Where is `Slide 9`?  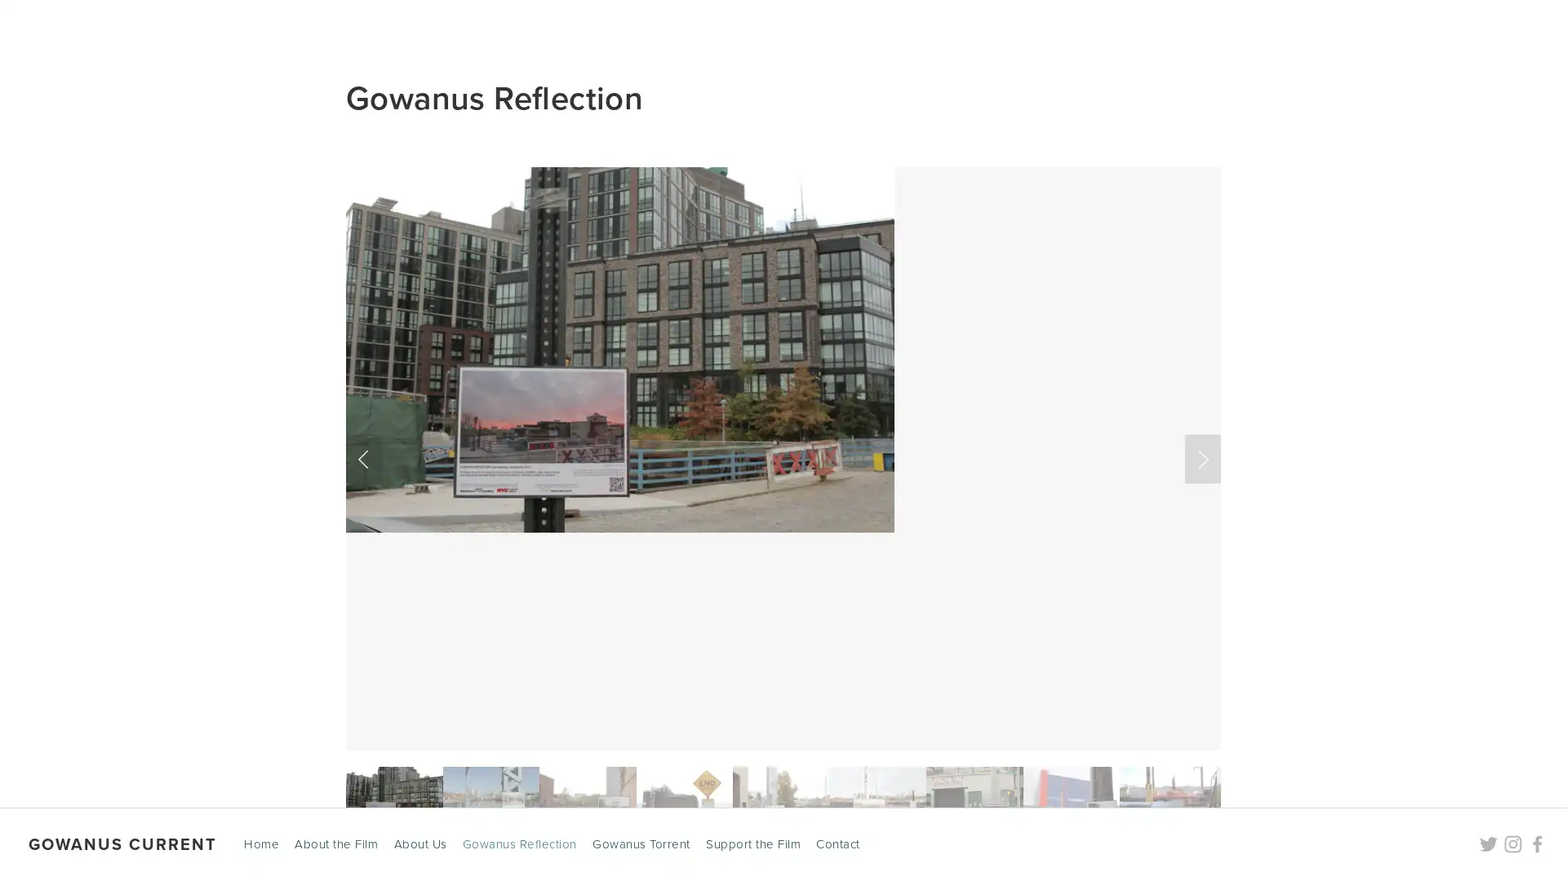
Slide 9 is located at coordinates (1166, 797).